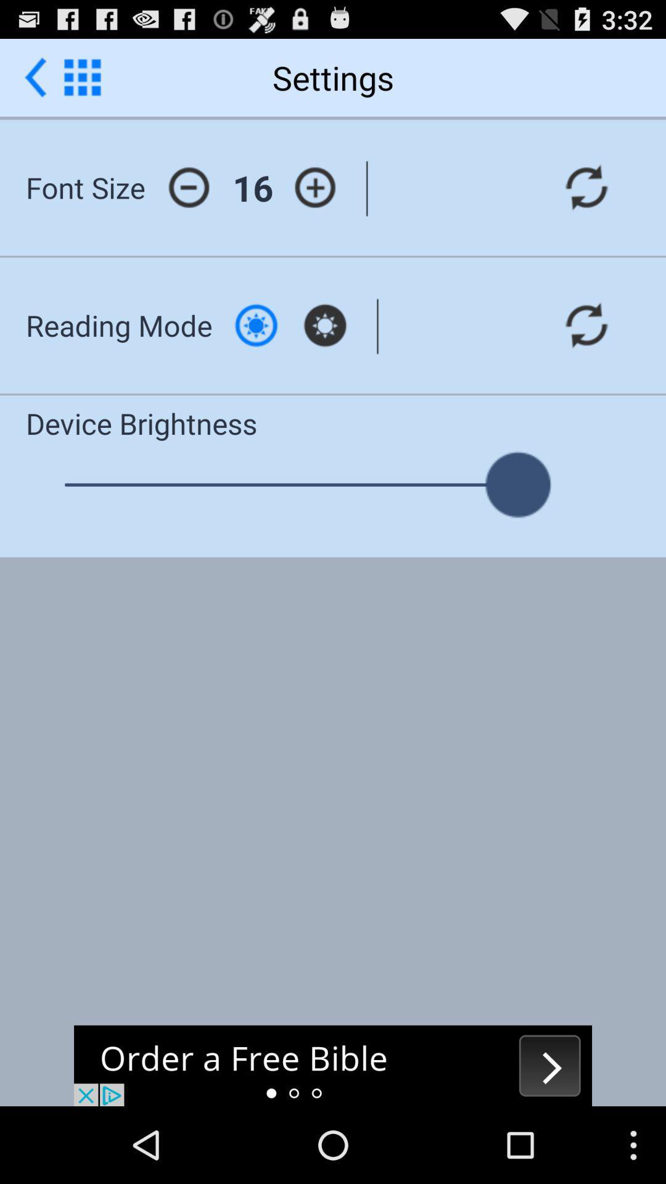  What do you see at coordinates (189, 187) in the screenshot?
I see `reduce font size option` at bounding box center [189, 187].